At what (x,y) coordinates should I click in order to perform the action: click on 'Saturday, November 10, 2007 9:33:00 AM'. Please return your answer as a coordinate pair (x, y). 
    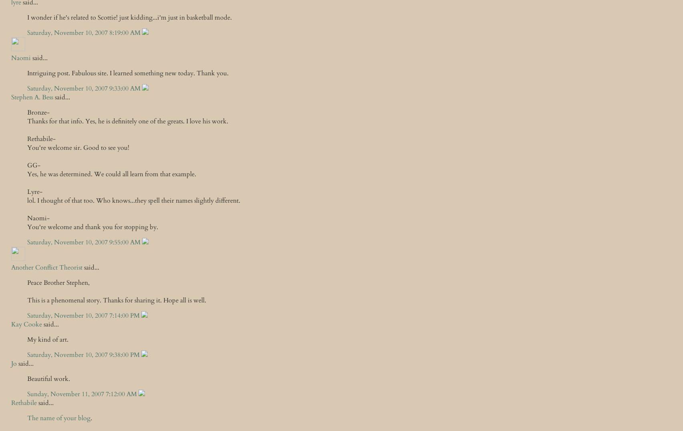
    Looking at the image, I should click on (84, 88).